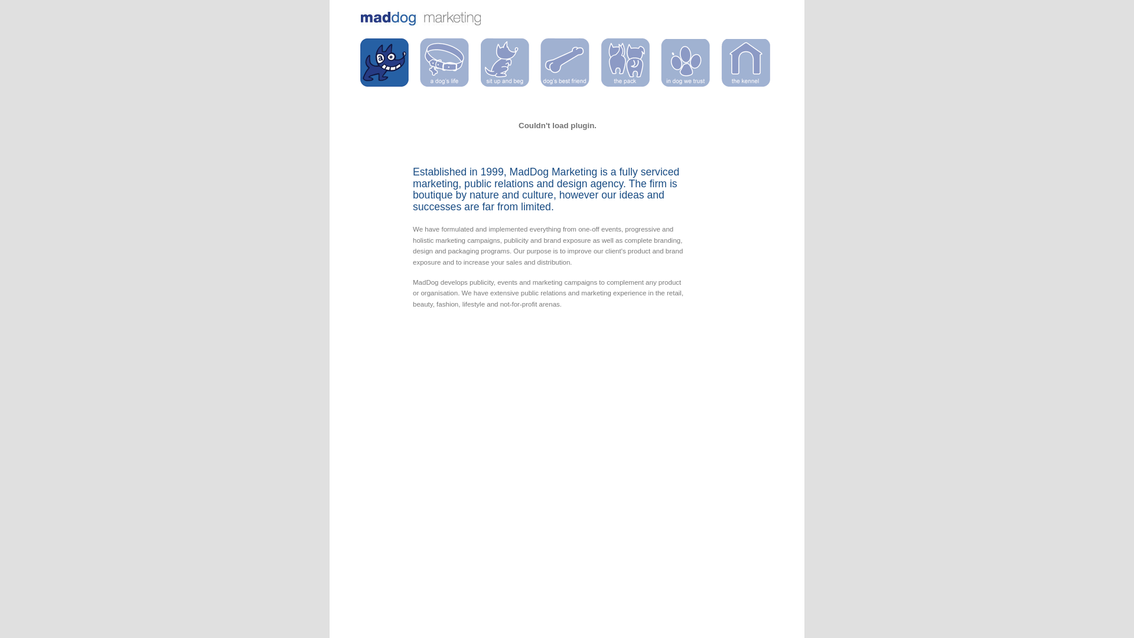 The height and width of the screenshot is (638, 1134). What do you see at coordinates (557, 125) in the screenshot?
I see `'MadDog Flash animation'` at bounding box center [557, 125].